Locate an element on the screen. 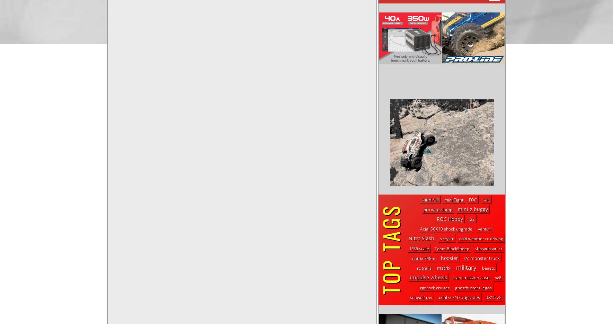  'mono' is located at coordinates (465, 317).